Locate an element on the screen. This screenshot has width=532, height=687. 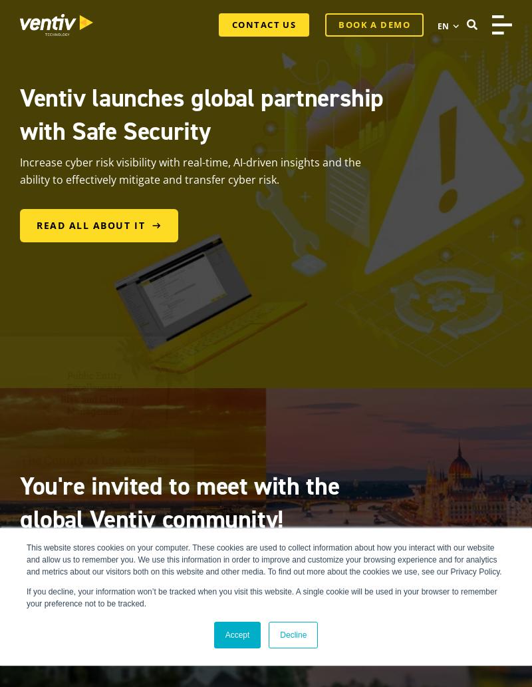
'Join Ventiv's team and customers in Charleston, South Carolina or Budapest, Hungary in 2024 for keynotes, breakouts, trainings, networking, and fun outings.' is located at coordinates (186, 568).